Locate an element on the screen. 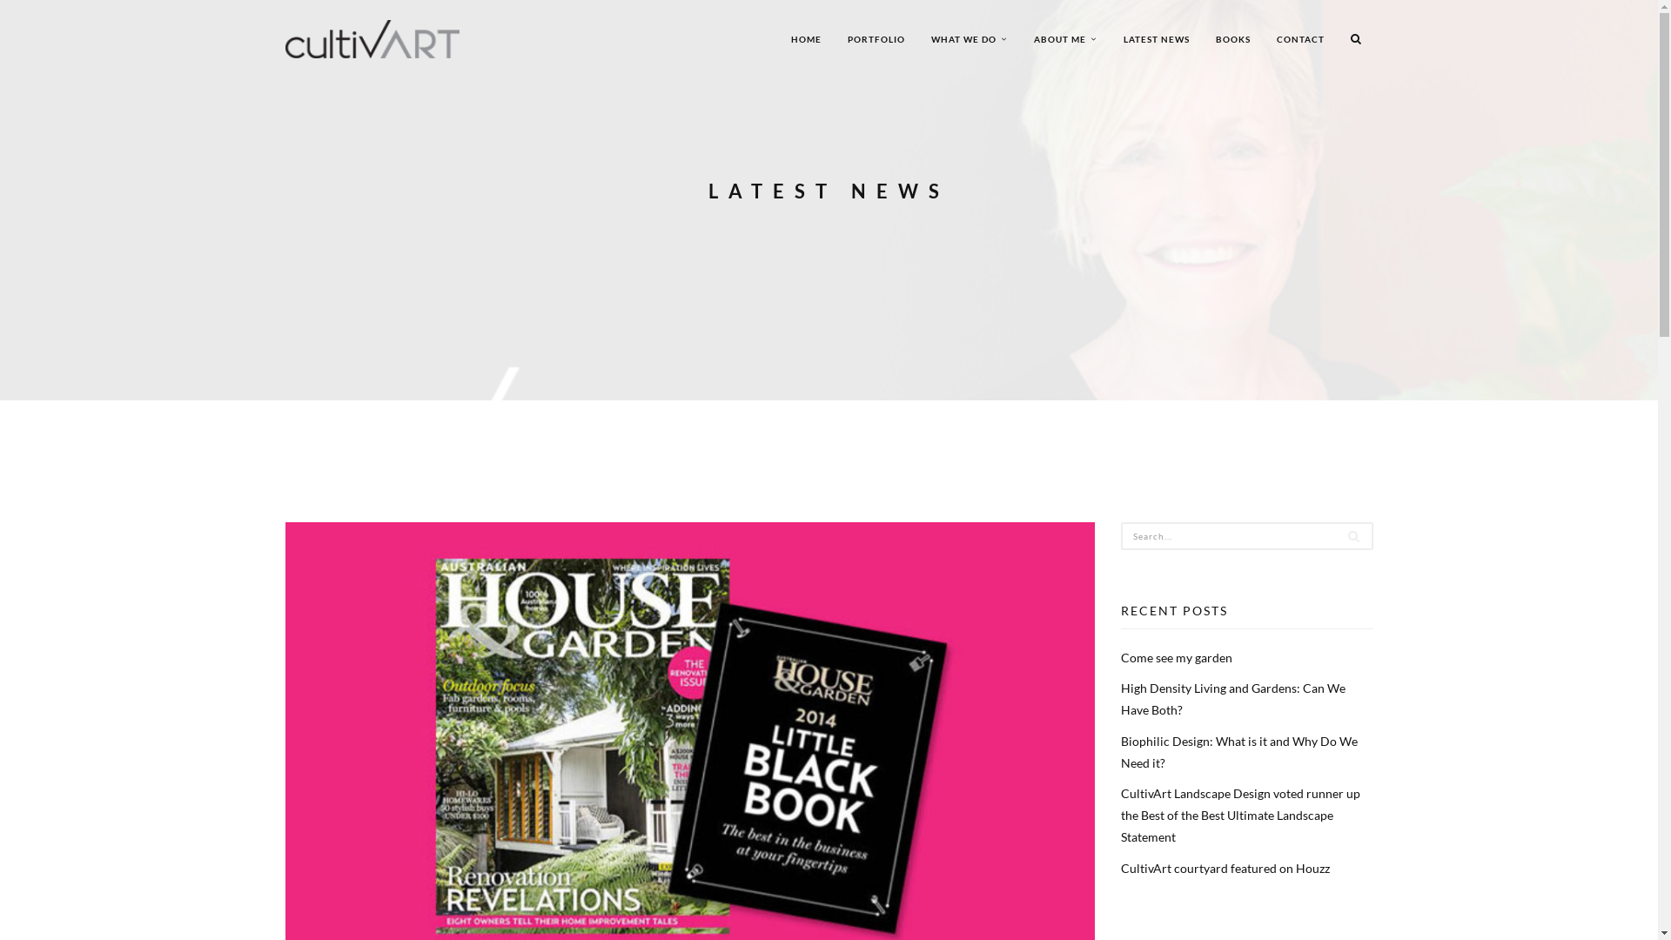 The width and height of the screenshot is (1671, 940). 'PORTFOLIO' is located at coordinates (876, 39).